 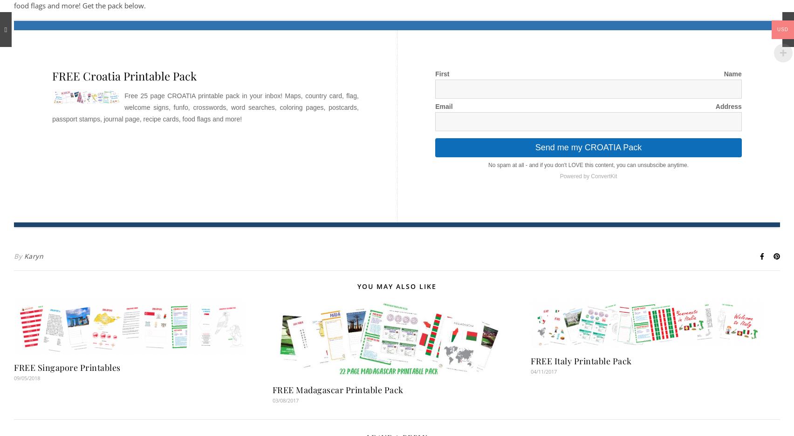 What do you see at coordinates (34, 255) in the screenshot?
I see `'Karyn'` at bounding box center [34, 255].